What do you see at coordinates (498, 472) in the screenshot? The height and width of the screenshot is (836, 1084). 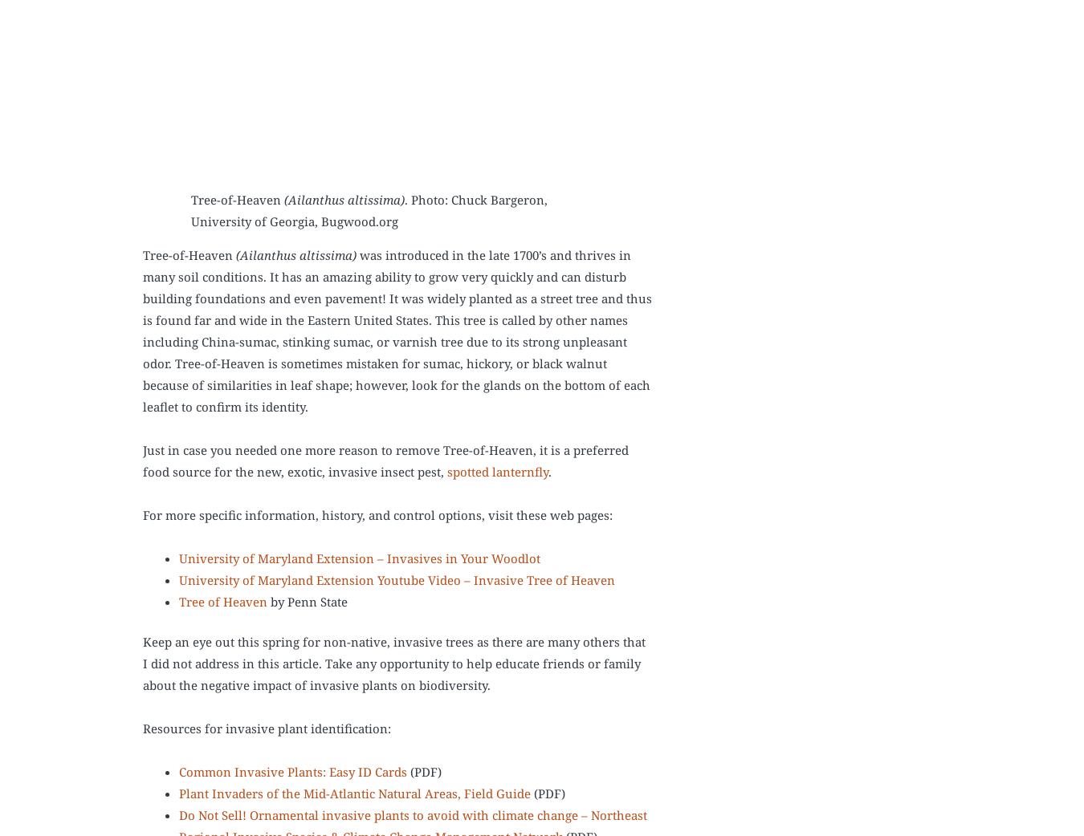 I see `'spotted lanternfly'` at bounding box center [498, 472].